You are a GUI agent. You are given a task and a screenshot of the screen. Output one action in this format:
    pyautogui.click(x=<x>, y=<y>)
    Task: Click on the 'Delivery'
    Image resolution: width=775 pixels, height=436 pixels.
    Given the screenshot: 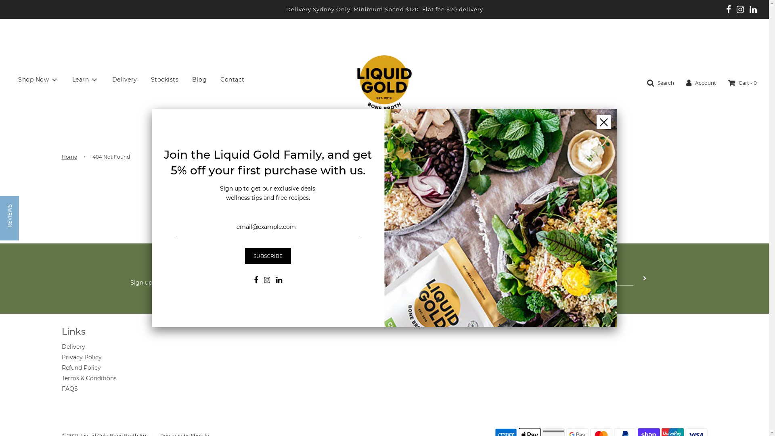 What is the action you would take?
    pyautogui.click(x=73, y=346)
    